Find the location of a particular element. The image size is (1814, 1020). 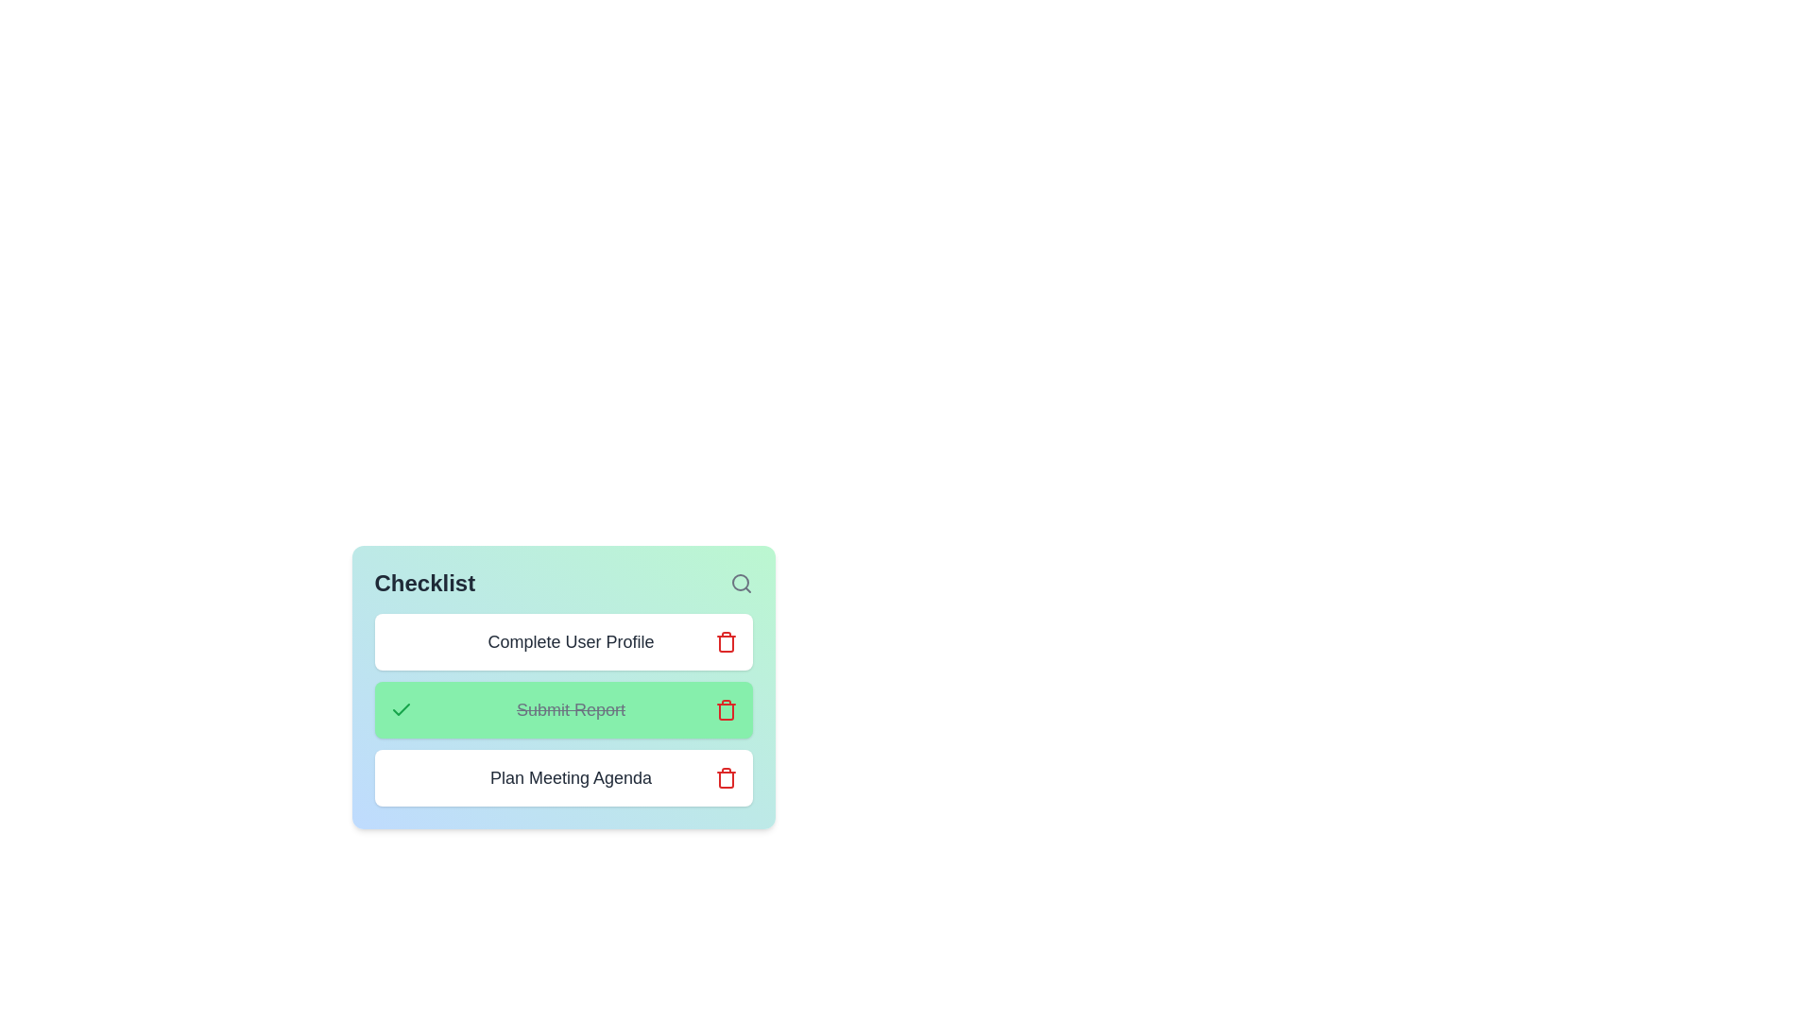

the search icon to initiate the search functionality is located at coordinates (740, 582).